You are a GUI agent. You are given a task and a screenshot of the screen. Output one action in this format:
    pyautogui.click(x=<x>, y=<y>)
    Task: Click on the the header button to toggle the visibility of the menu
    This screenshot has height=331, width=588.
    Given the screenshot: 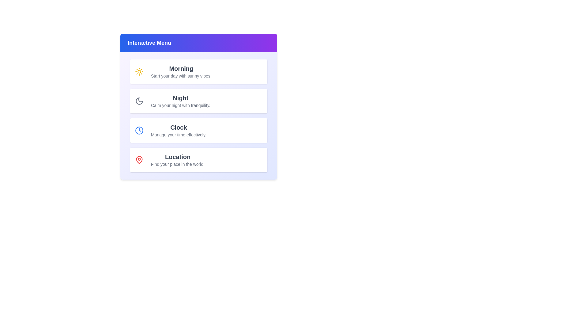 What is the action you would take?
    pyautogui.click(x=198, y=42)
    